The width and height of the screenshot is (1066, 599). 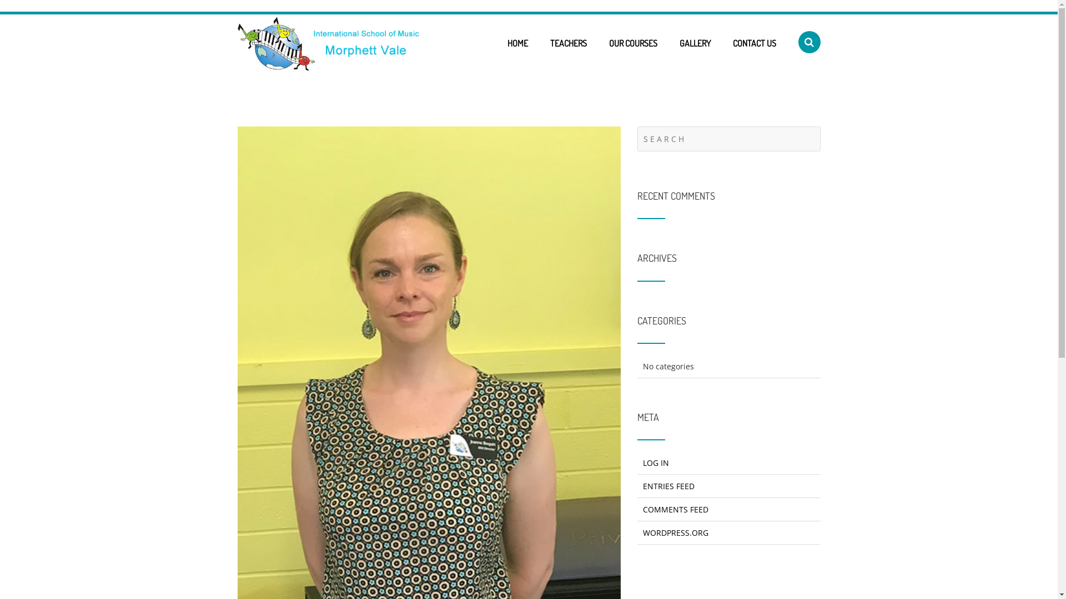 I want to click on 'ENTRIES FEED', so click(x=668, y=485).